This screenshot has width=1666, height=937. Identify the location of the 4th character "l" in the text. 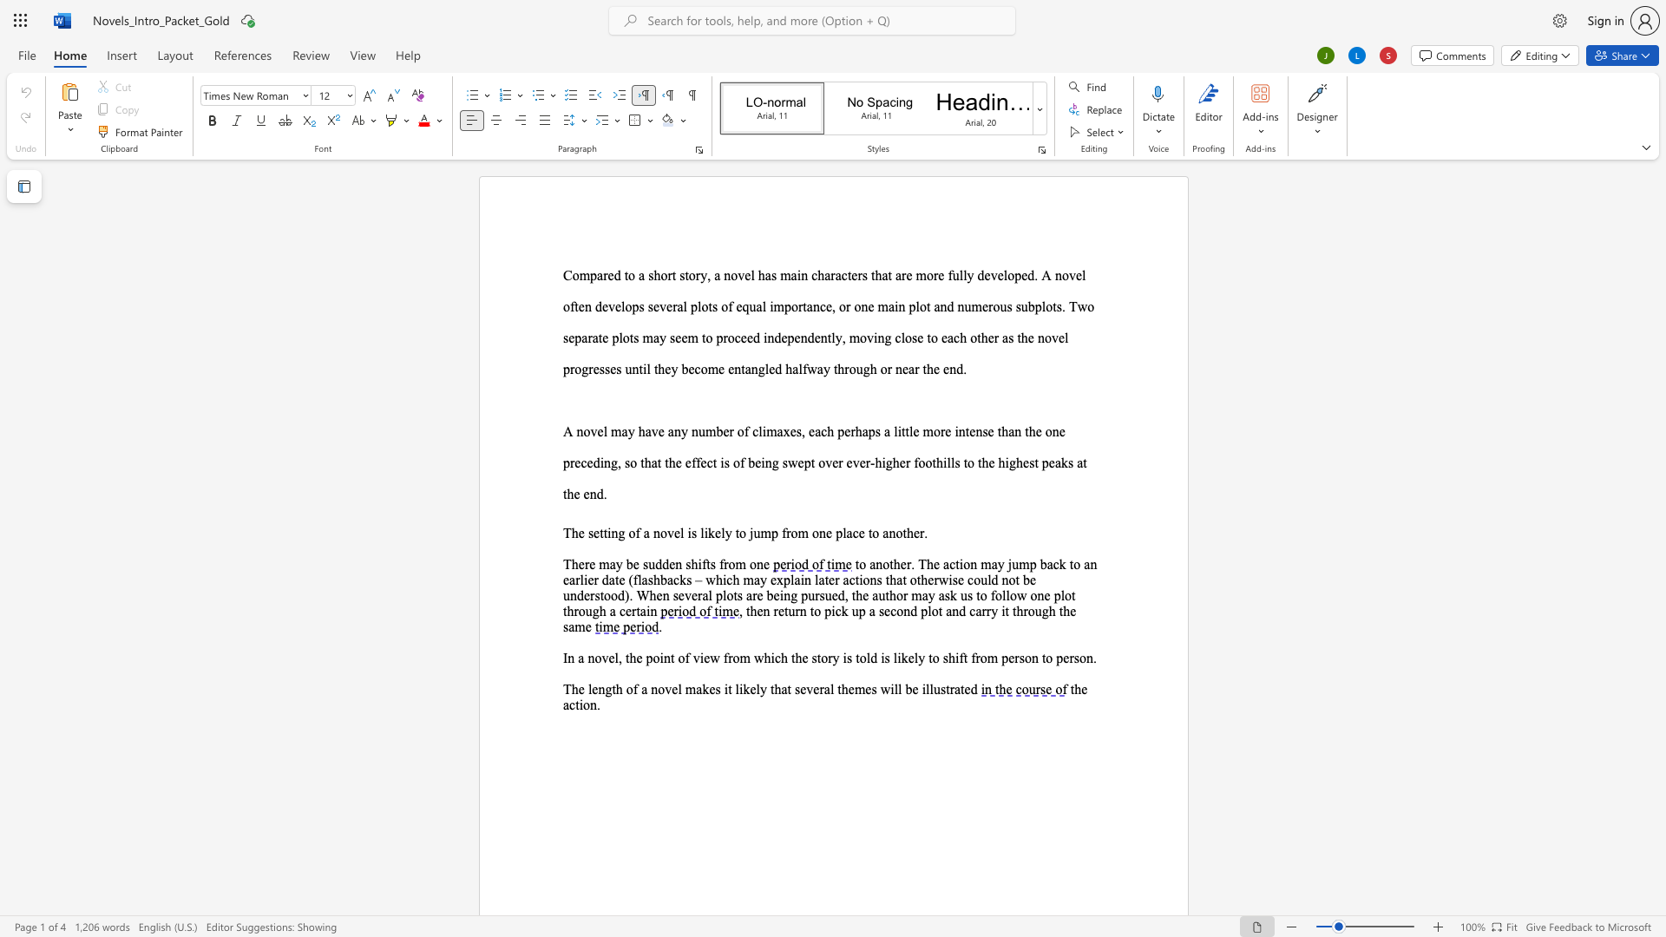
(1006, 274).